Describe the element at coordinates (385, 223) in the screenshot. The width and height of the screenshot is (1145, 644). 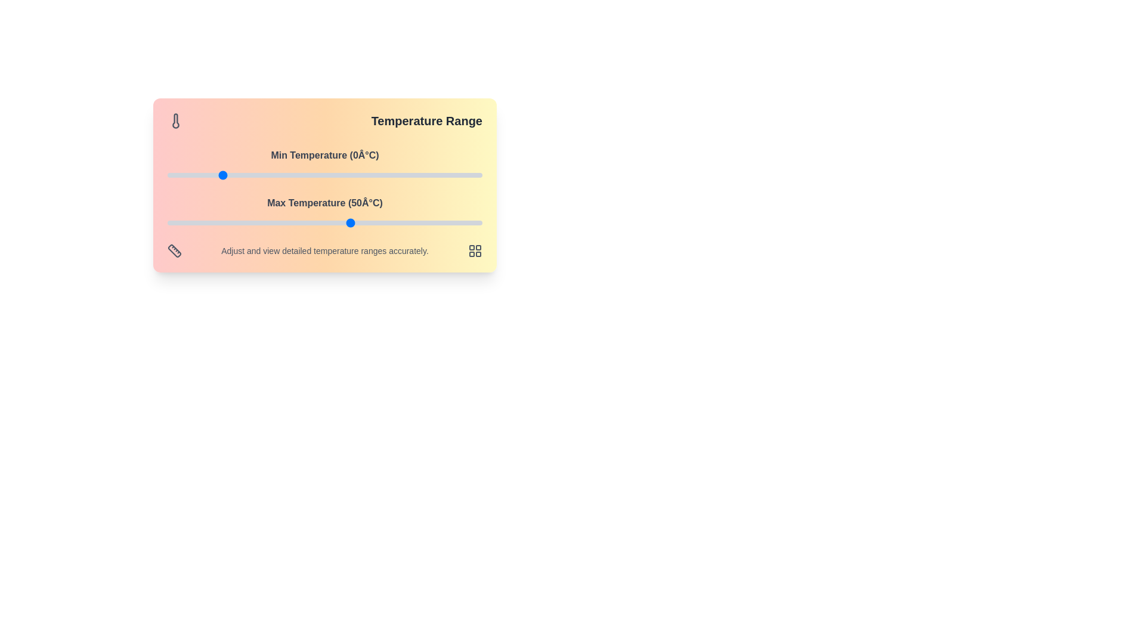
I see `the maximum temperature slider to 63°C` at that location.